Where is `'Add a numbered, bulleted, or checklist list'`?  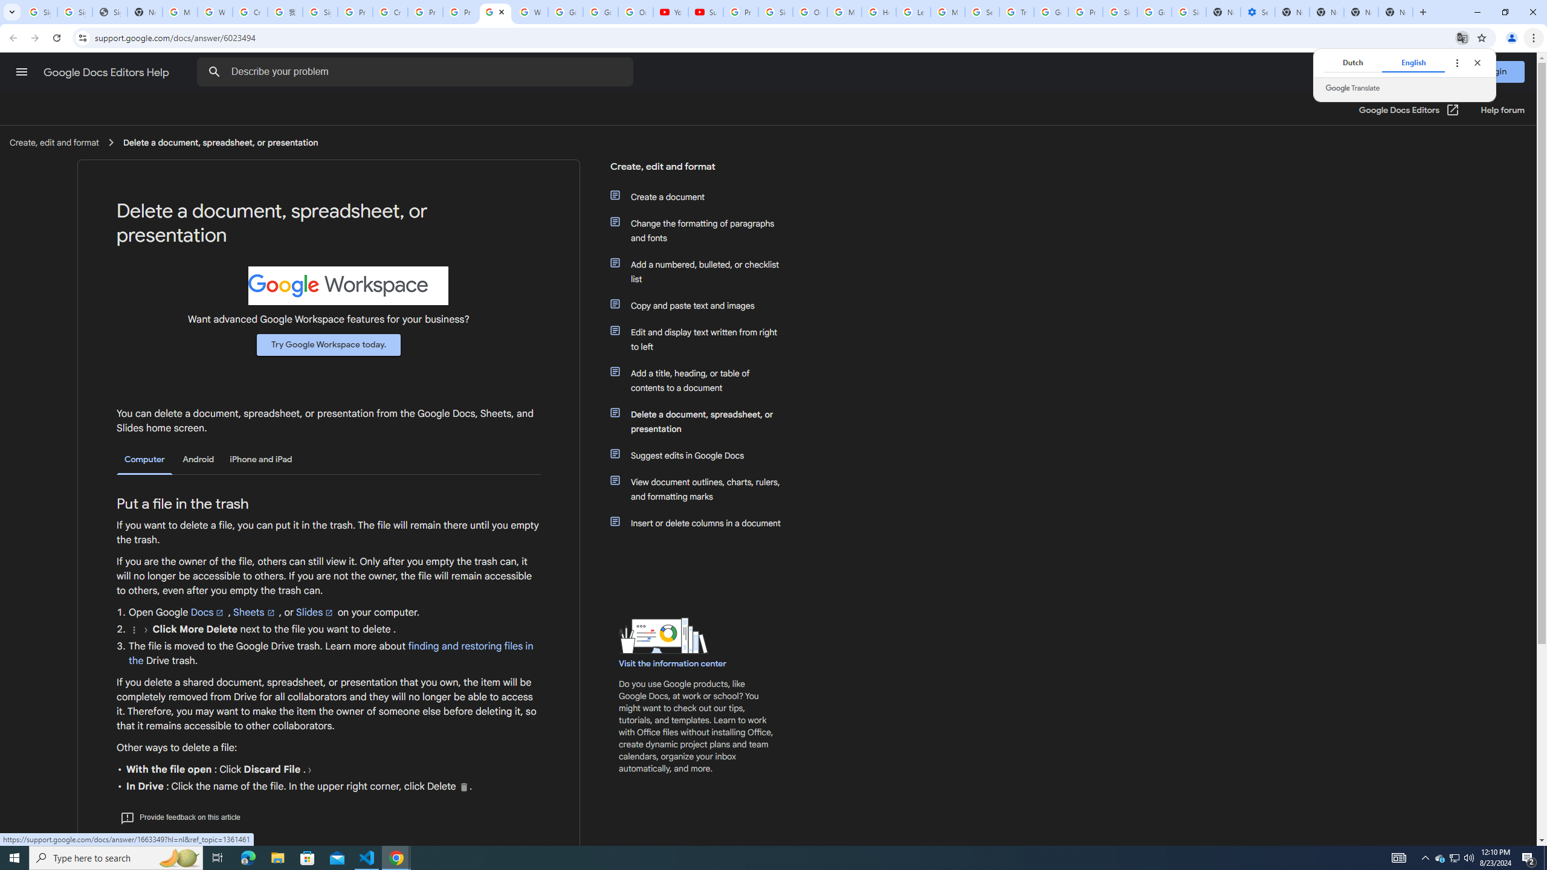
'Add a numbered, bulleted, or checklist list' is located at coordinates (702, 271).